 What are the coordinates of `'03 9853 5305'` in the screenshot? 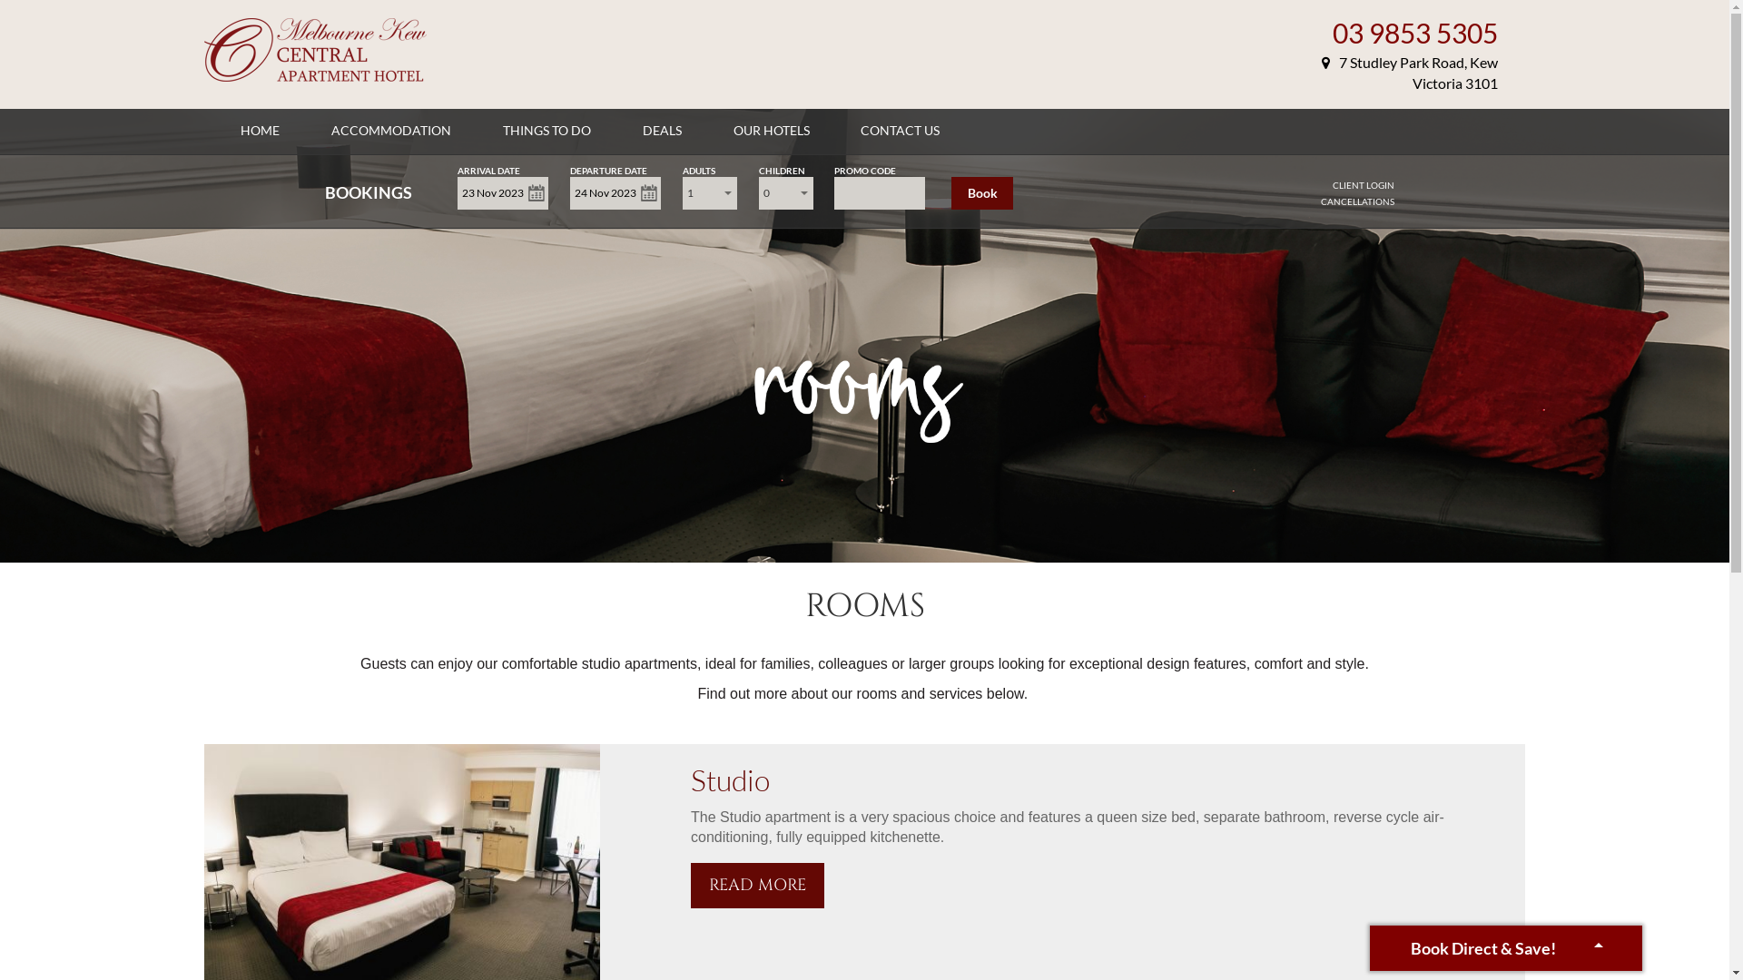 It's located at (1414, 32).